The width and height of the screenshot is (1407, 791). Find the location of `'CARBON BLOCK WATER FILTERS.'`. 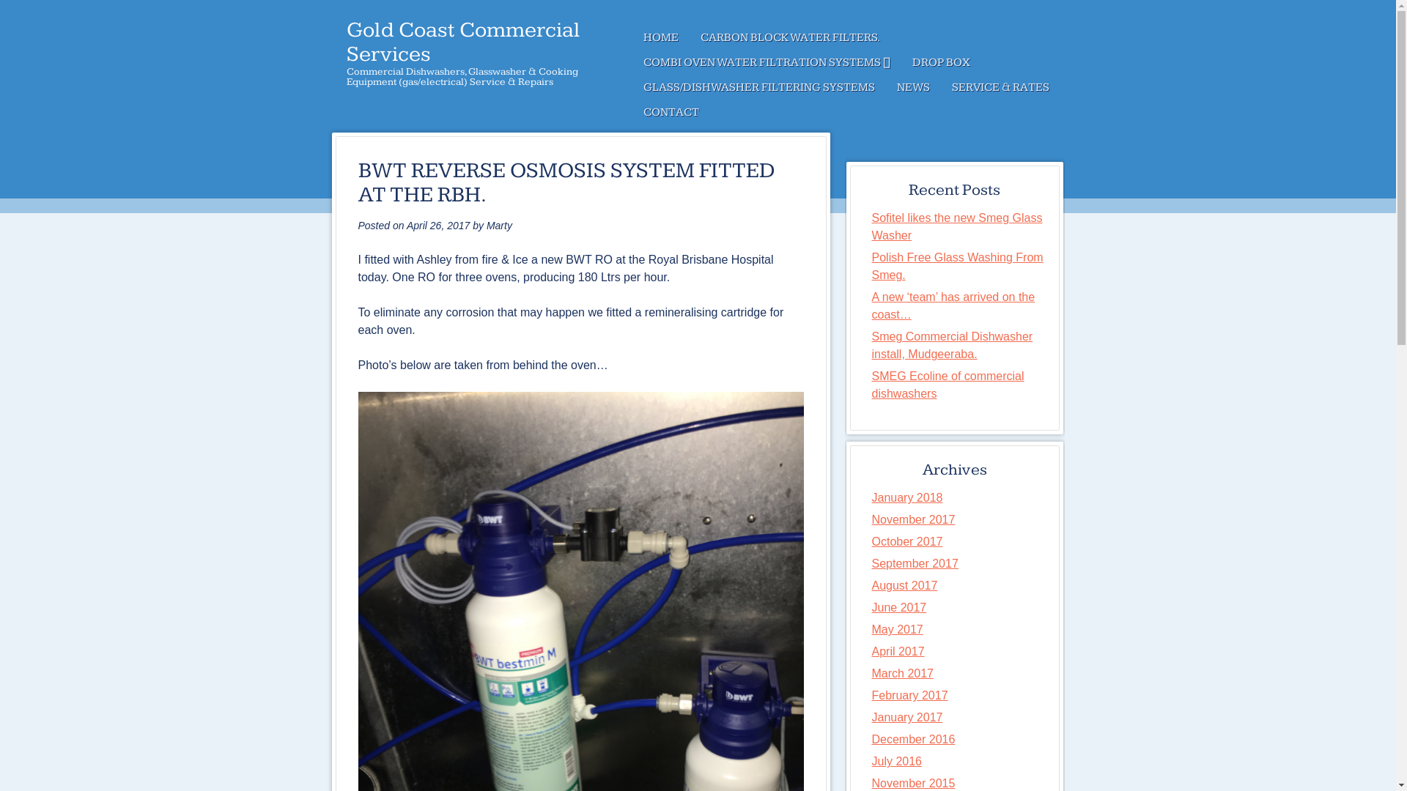

'CARBON BLOCK WATER FILTERS.' is located at coordinates (789, 37).